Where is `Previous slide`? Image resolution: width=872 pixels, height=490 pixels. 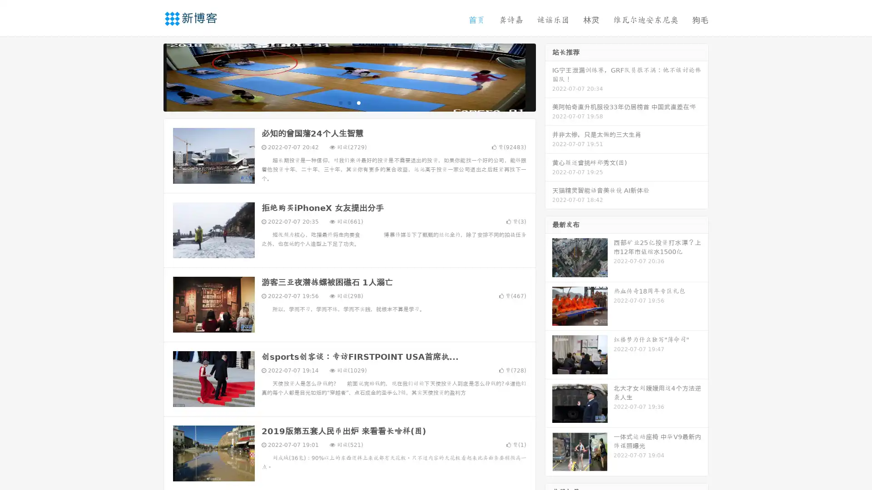
Previous slide is located at coordinates (150, 76).